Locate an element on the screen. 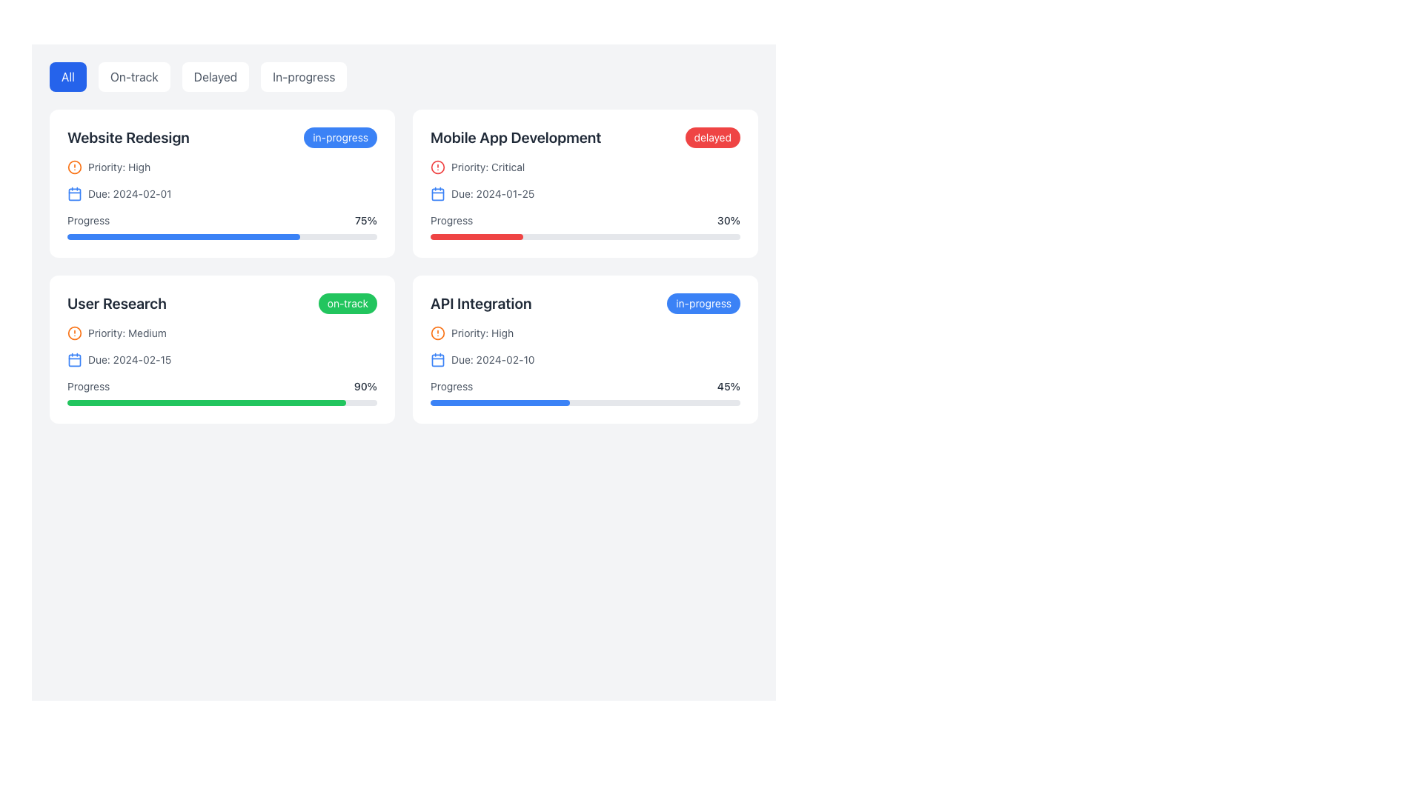 The image size is (1423, 800). the status indicator in the 'Website Redesign' card is located at coordinates (339, 137).